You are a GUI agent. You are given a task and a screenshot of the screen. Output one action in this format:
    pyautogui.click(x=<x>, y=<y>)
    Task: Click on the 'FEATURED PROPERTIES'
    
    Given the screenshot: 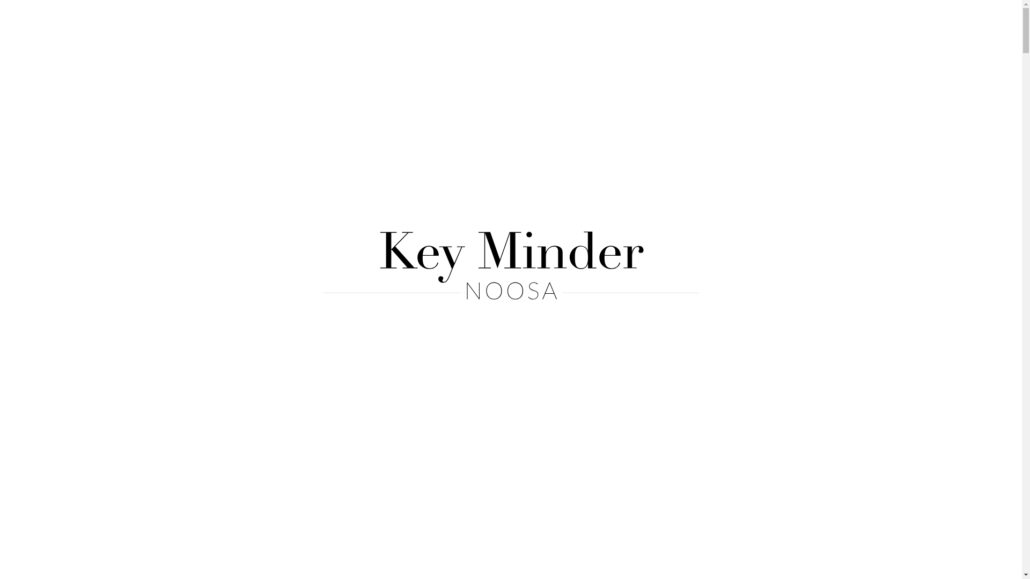 What is the action you would take?
    pyautogui.click(x=550, y=19)
    